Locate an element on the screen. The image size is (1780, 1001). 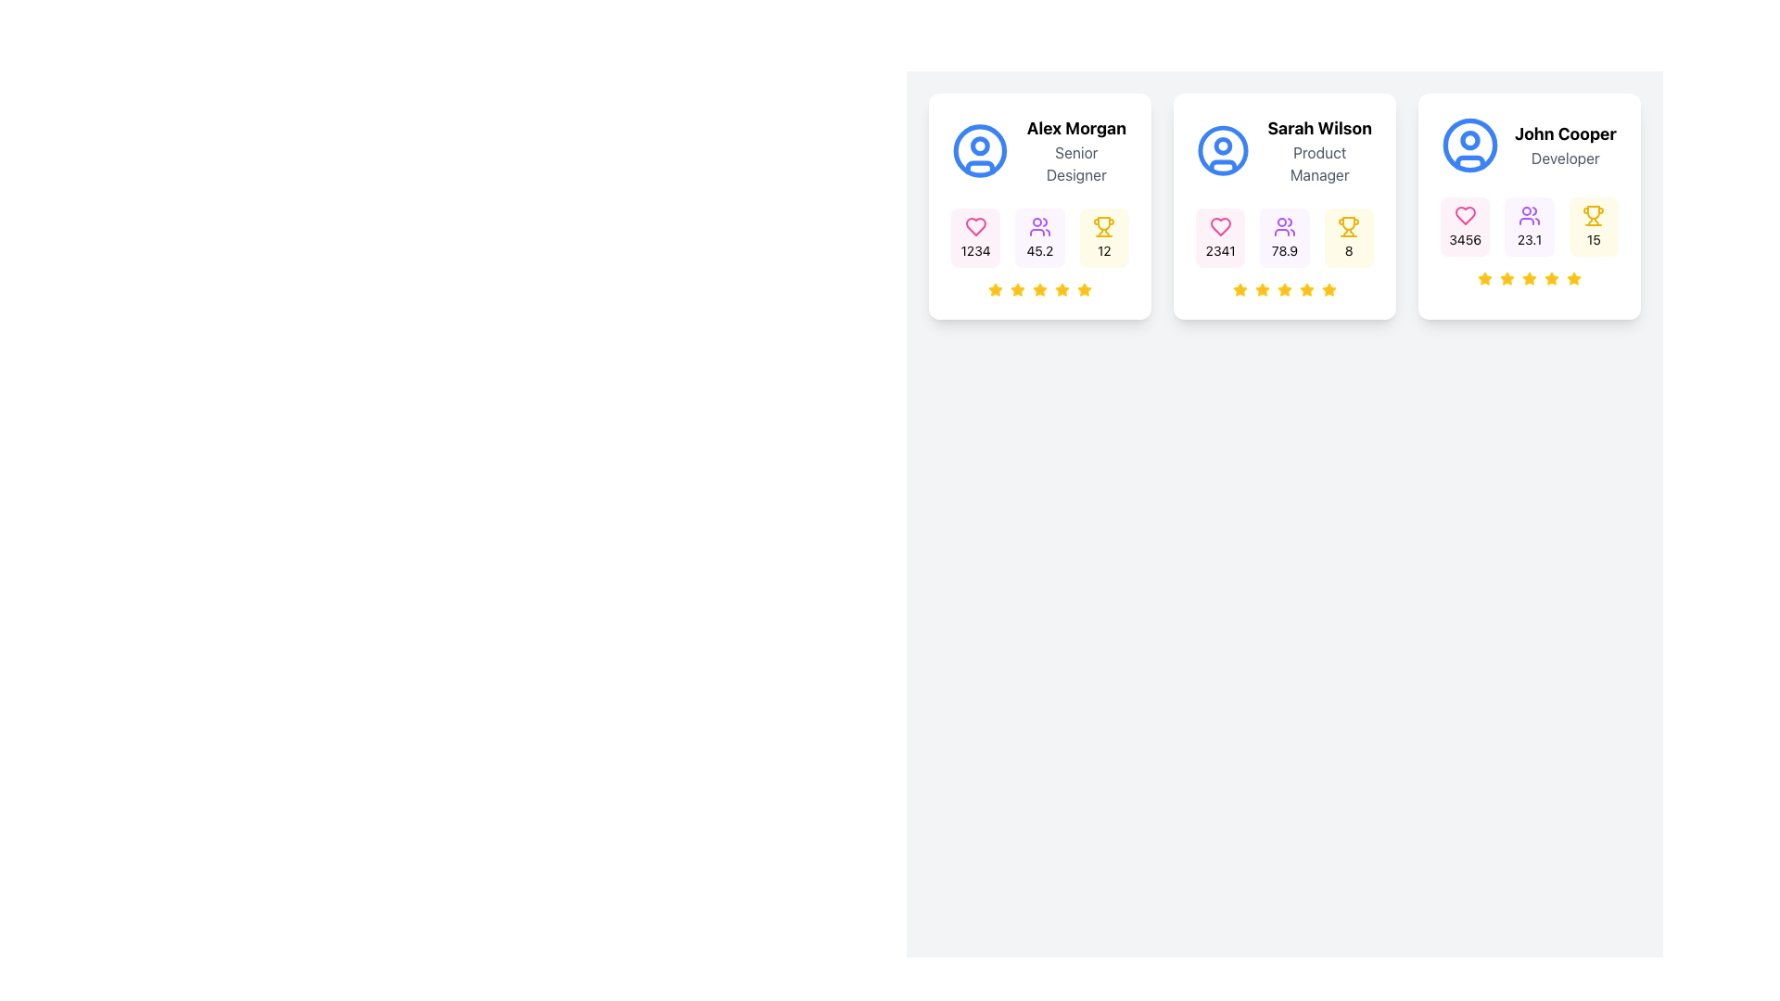
the Descriptive Text Block that displays the user's name and role, located in the second profile card from the left, centered beneath the circular icon is located at coordinates (1318, 149).